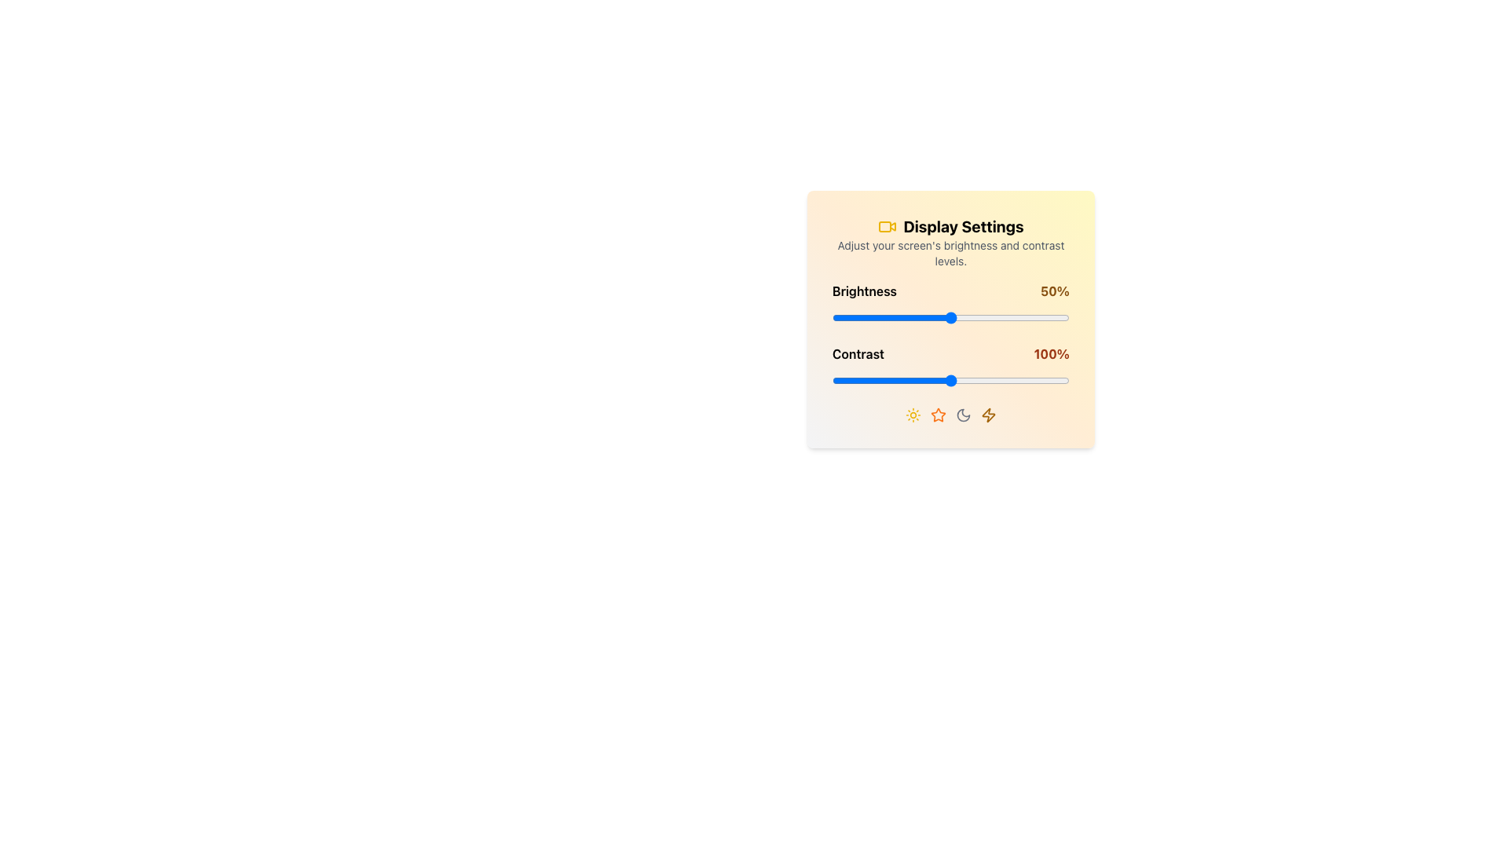 The image size is (1508, 848). I want to click on the brightness, so click(844, 318).